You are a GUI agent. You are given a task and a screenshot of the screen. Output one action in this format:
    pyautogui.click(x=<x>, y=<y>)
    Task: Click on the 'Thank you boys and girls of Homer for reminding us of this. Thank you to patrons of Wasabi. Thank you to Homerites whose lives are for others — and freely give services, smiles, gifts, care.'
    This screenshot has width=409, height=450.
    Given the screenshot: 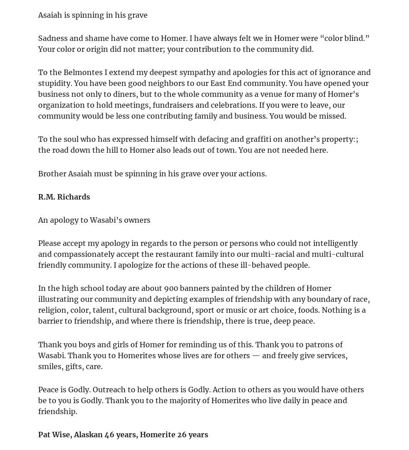 What is the action you would take?
    pyautogui.click(x=193, y=355)
    